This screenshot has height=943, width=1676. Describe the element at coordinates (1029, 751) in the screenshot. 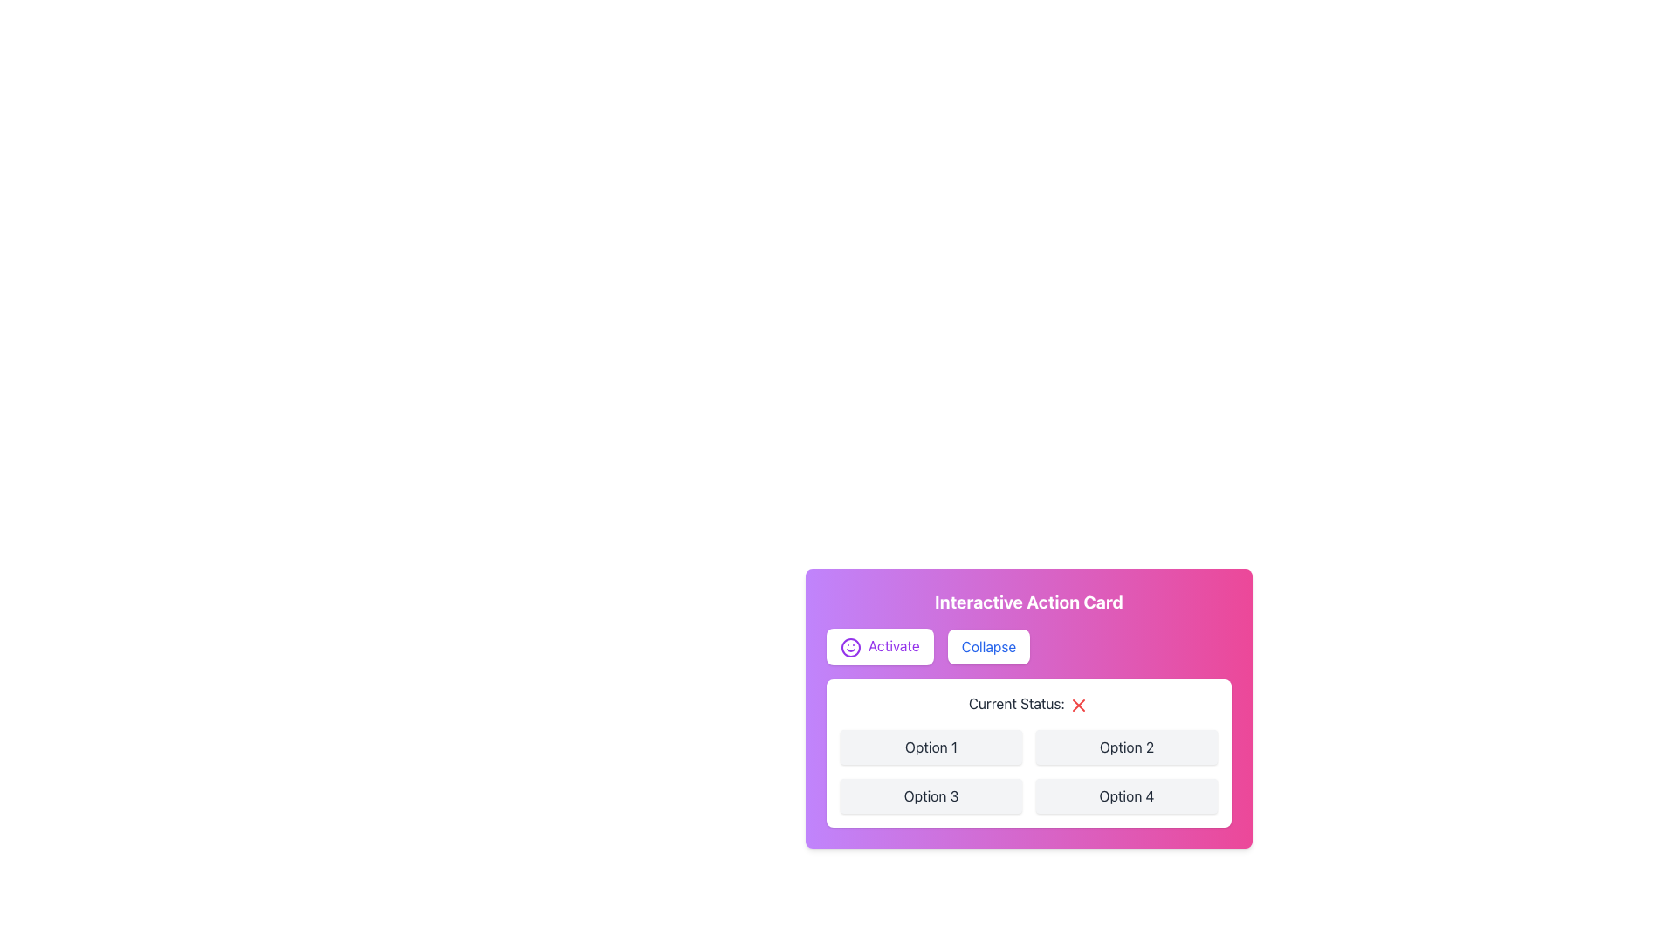

I see `the Status section within the 'Interactive Action Card', positioned below 'Activate' and 'Collapse', to interact with the visual representation options` at that location.